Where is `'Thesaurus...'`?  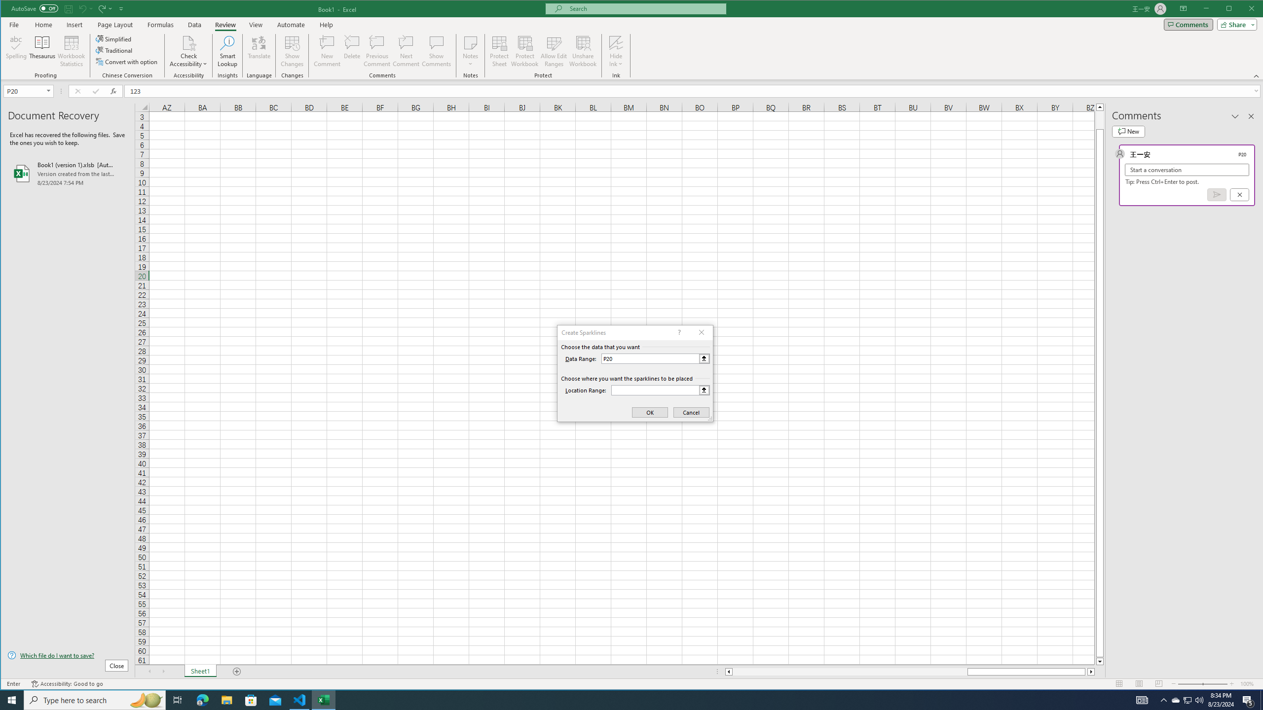 'Thesaurus...' is located at coordinates (42, 51).